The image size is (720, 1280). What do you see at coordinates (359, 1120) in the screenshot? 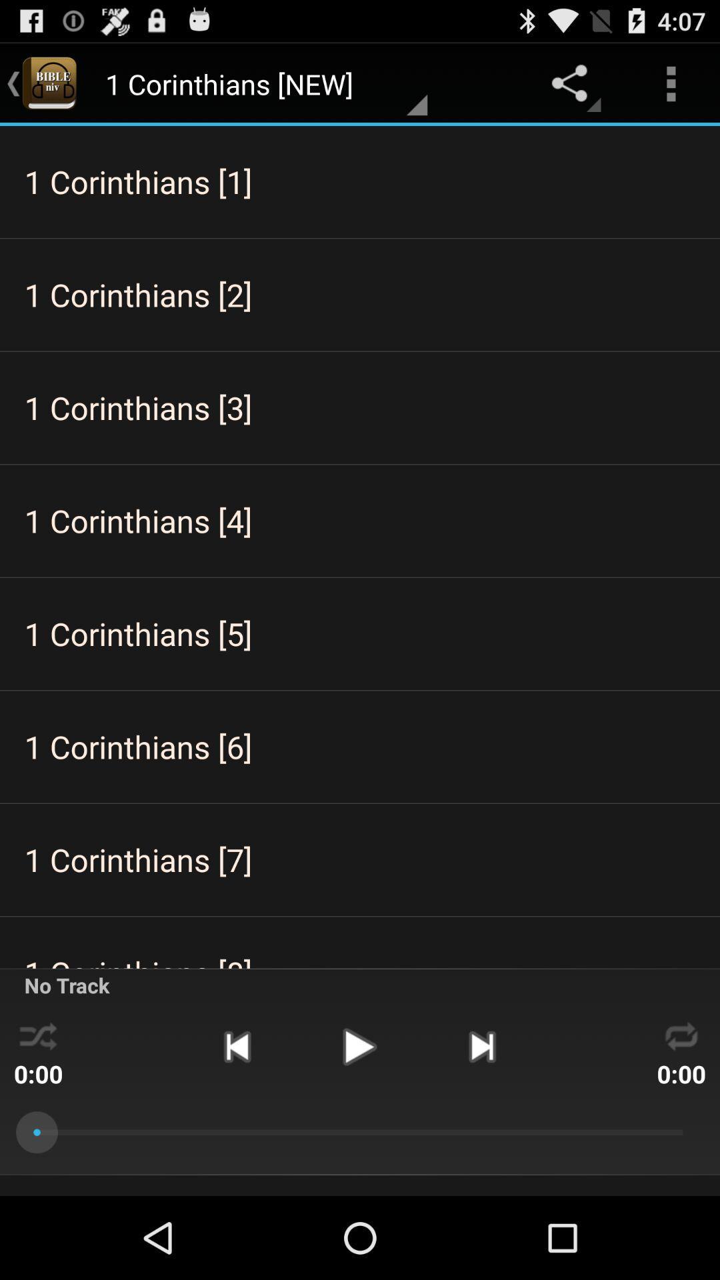
I see `the play icon` at bounding box center [359, 1120].